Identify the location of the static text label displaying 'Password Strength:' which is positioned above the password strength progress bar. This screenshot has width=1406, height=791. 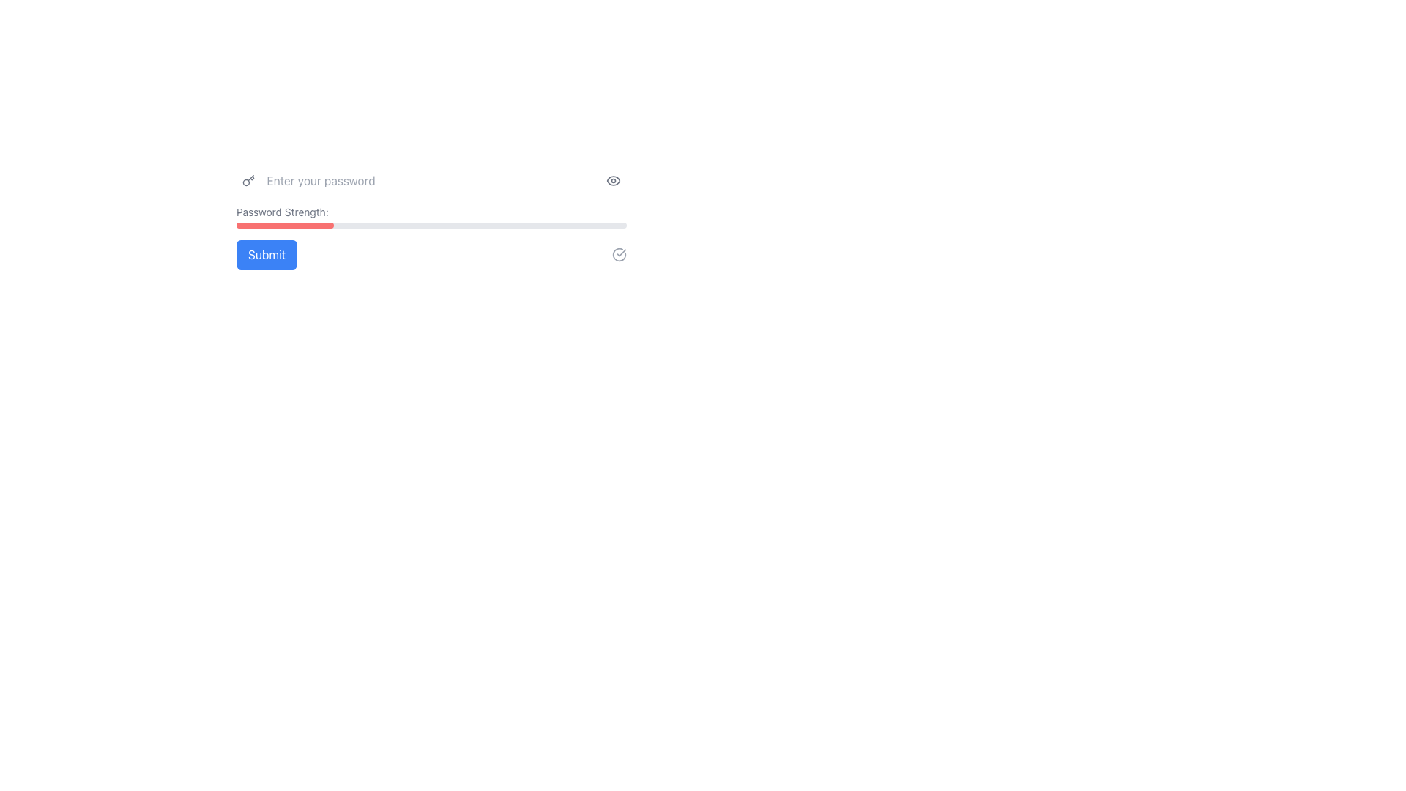
(282, 212).